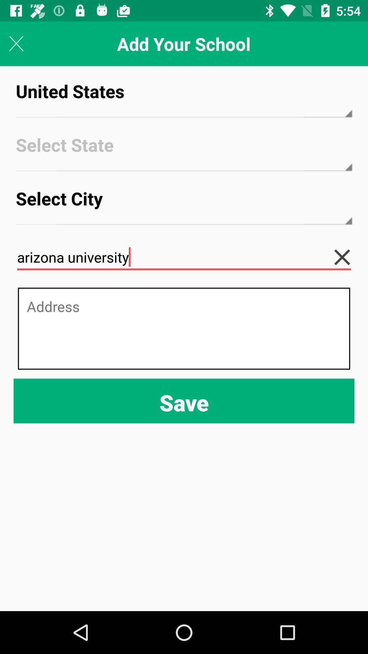  Describe the element at coordinates (184, 257) in the screenshot. I see `arizona university` at that location.